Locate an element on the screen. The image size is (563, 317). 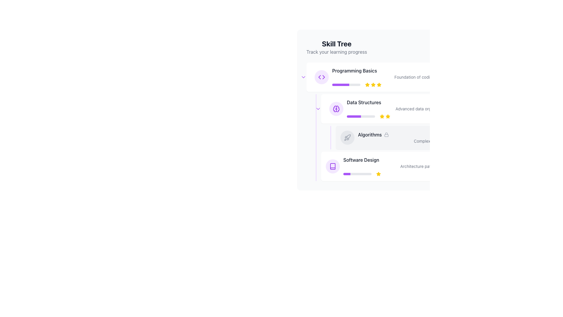
the Progress Bar that visually represents the completion status for the 'Software Design' course, located at the bottom of the 'Skill Tree' section is located at coordinates (357, 174).